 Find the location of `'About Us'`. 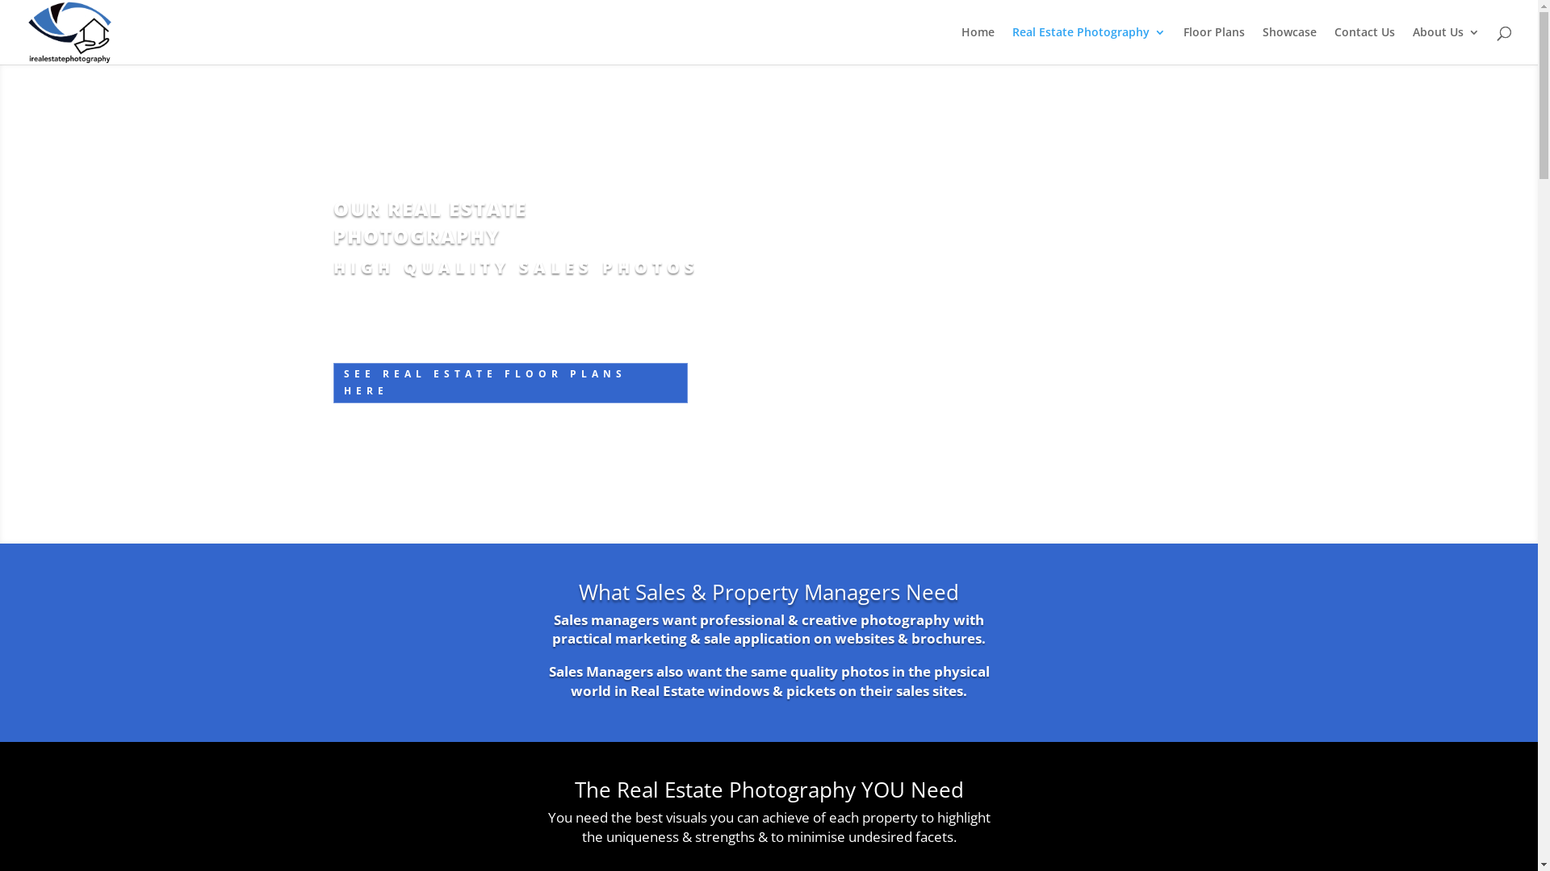

'About Us' is located at coordinates (1412, 44).